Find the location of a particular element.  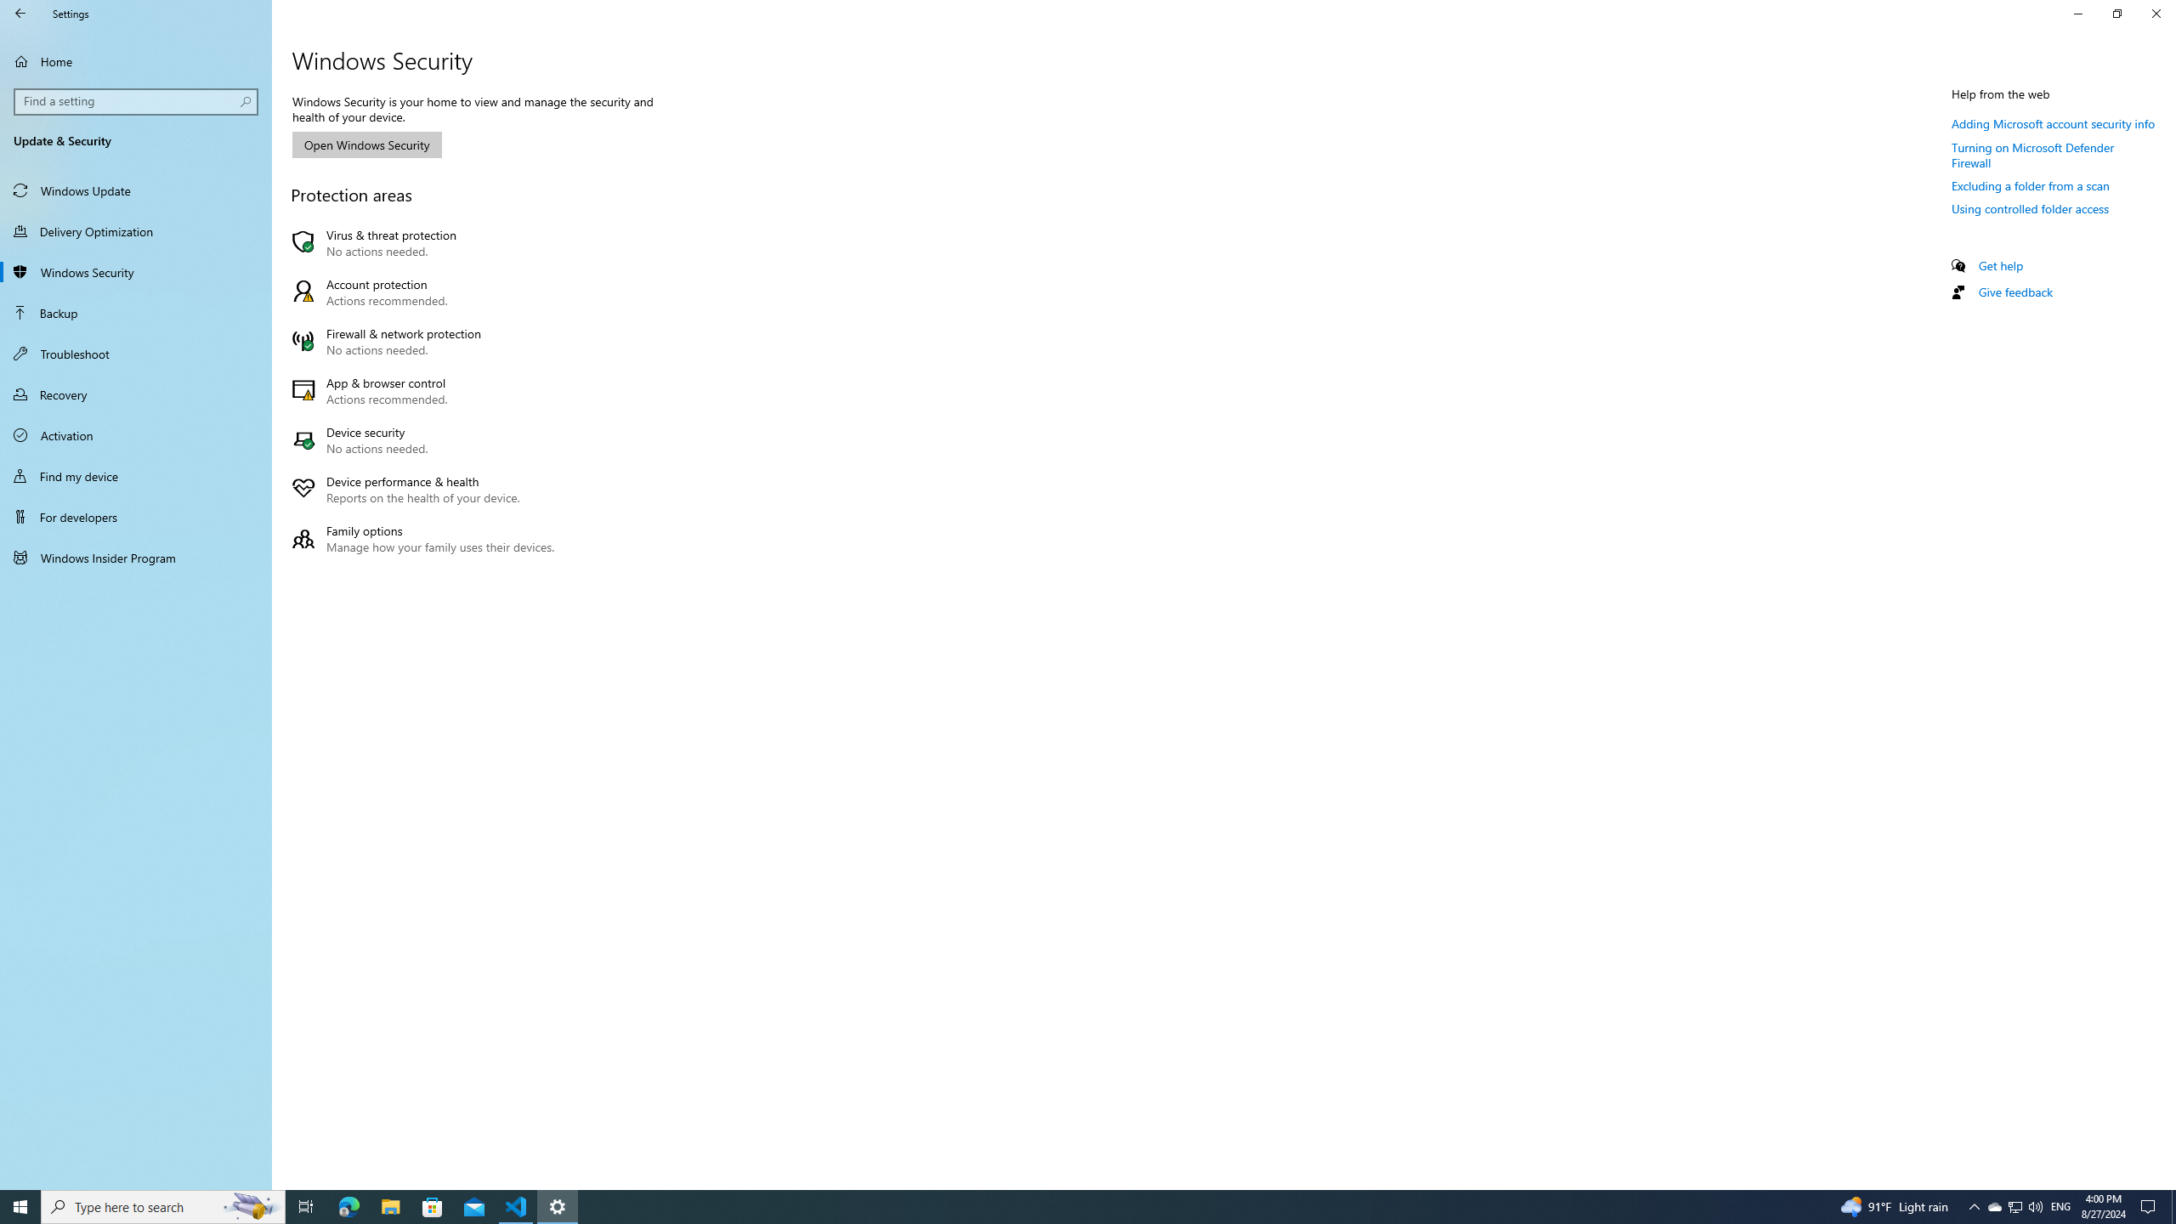

'Troubleshoot' is located at coordinates (135, 353).